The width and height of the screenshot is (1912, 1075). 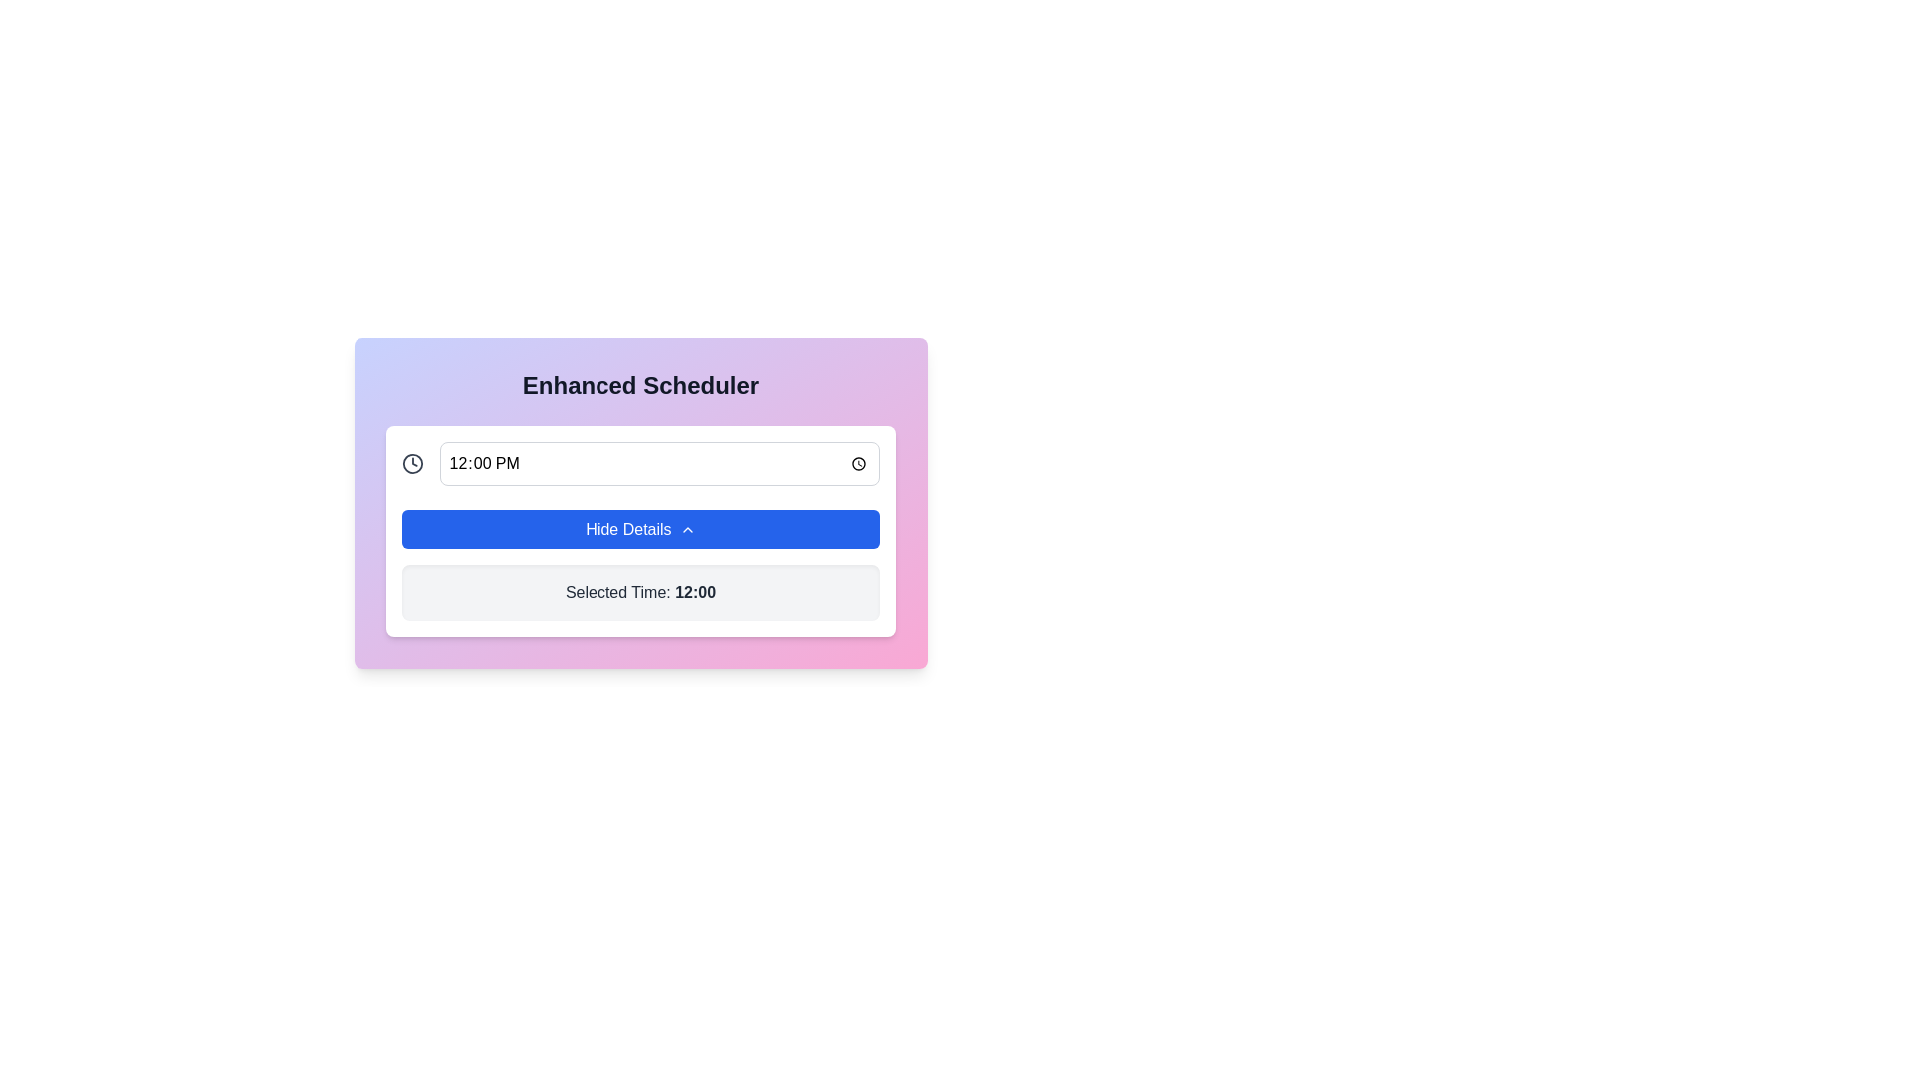 I want to click on the slider within the Time input field, which is styled with a border and rounded corners, displaying '12:00' aligned, so click(x=659, y=464).